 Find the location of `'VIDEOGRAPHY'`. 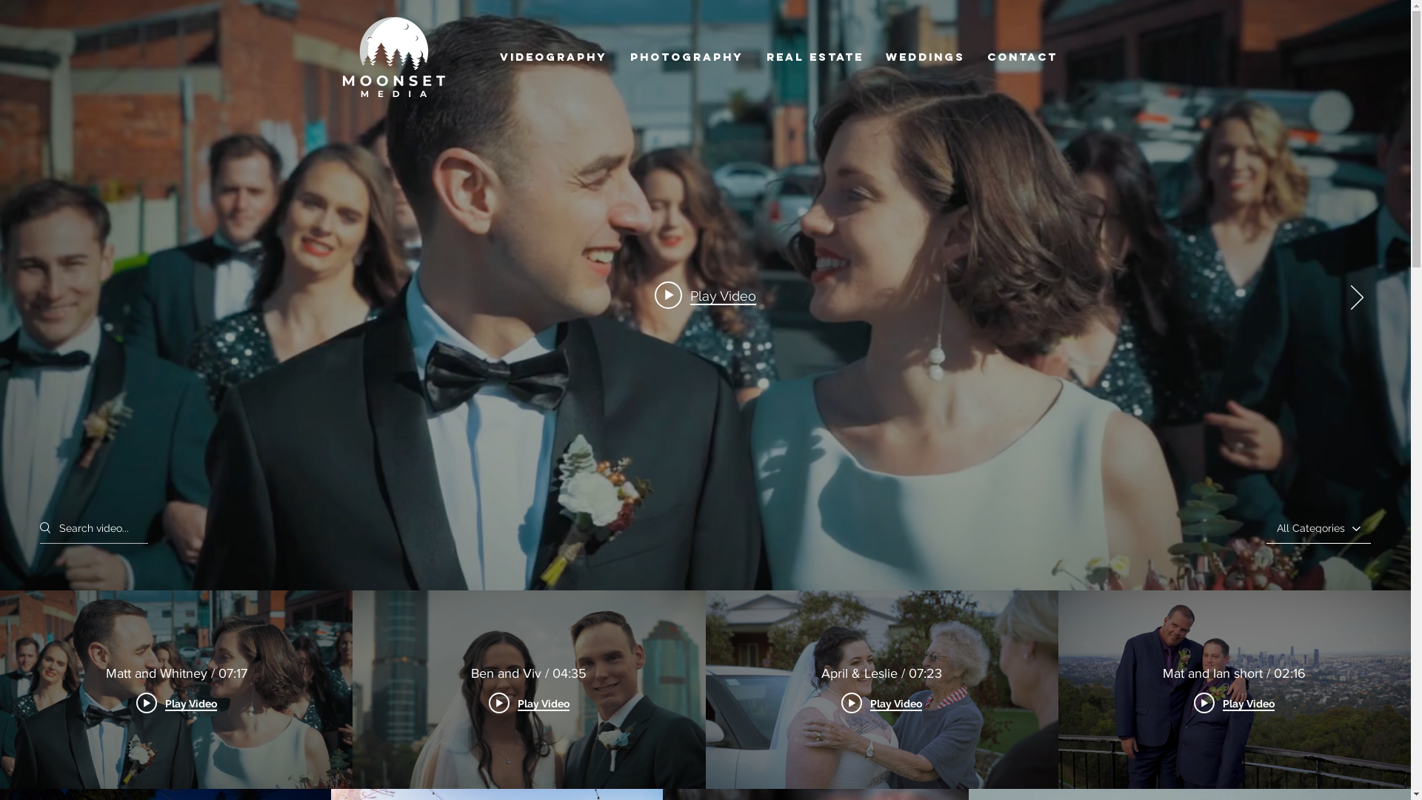

'VIDEOGRAPHY' is located at coordinates (553, 56).